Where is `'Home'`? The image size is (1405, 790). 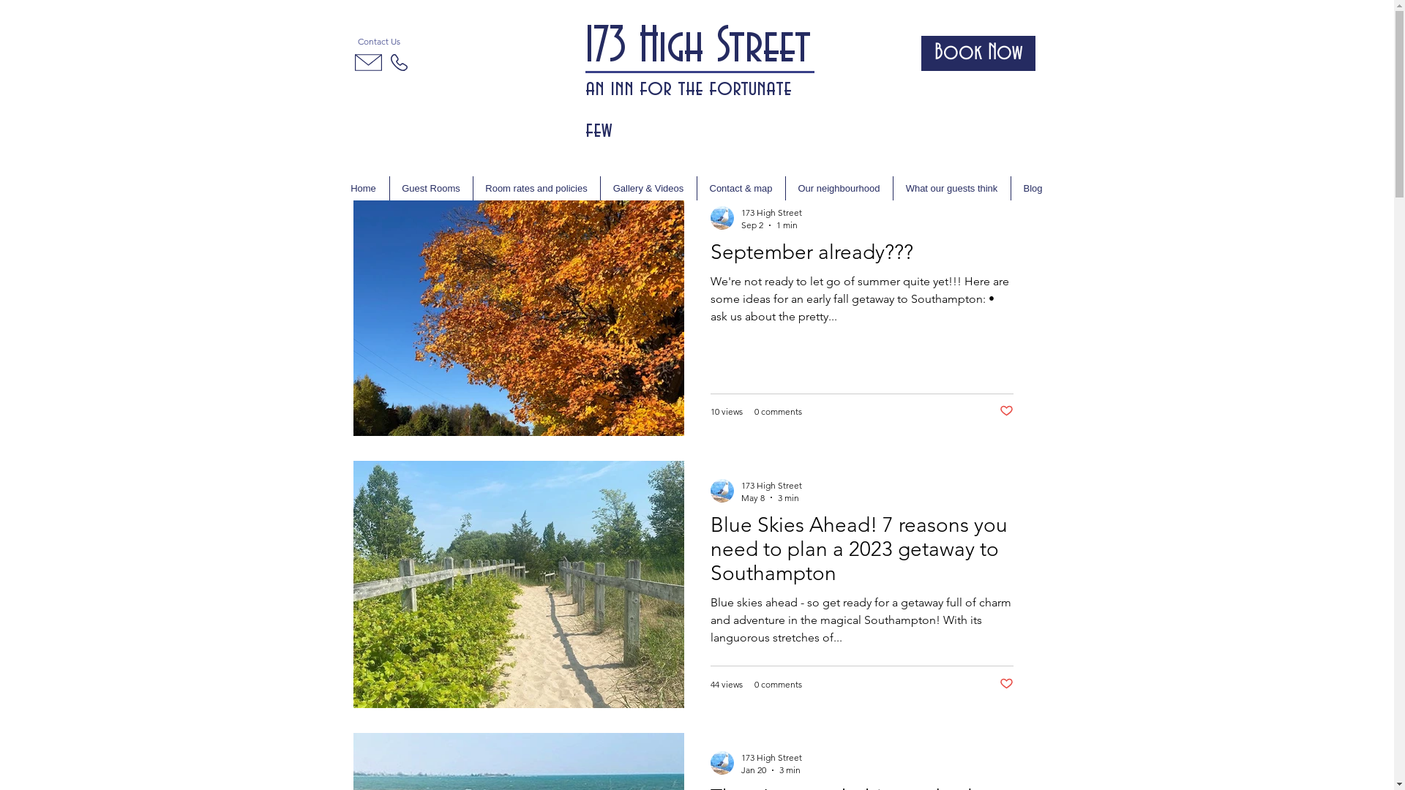 'Home' is located at coordinates (364, 187).